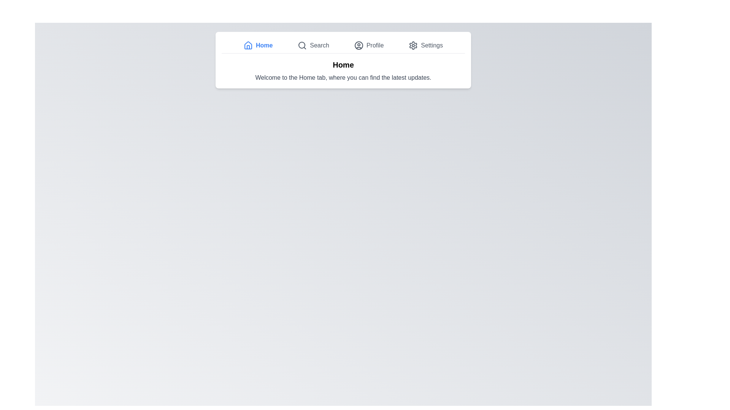 The width and height of the screenshot is (730, 410). What do you see at coordinates (248, 45) in the screenshot?
I see `the 'Home' icon located in the top navigation bar` at bounding box center [248, 45].